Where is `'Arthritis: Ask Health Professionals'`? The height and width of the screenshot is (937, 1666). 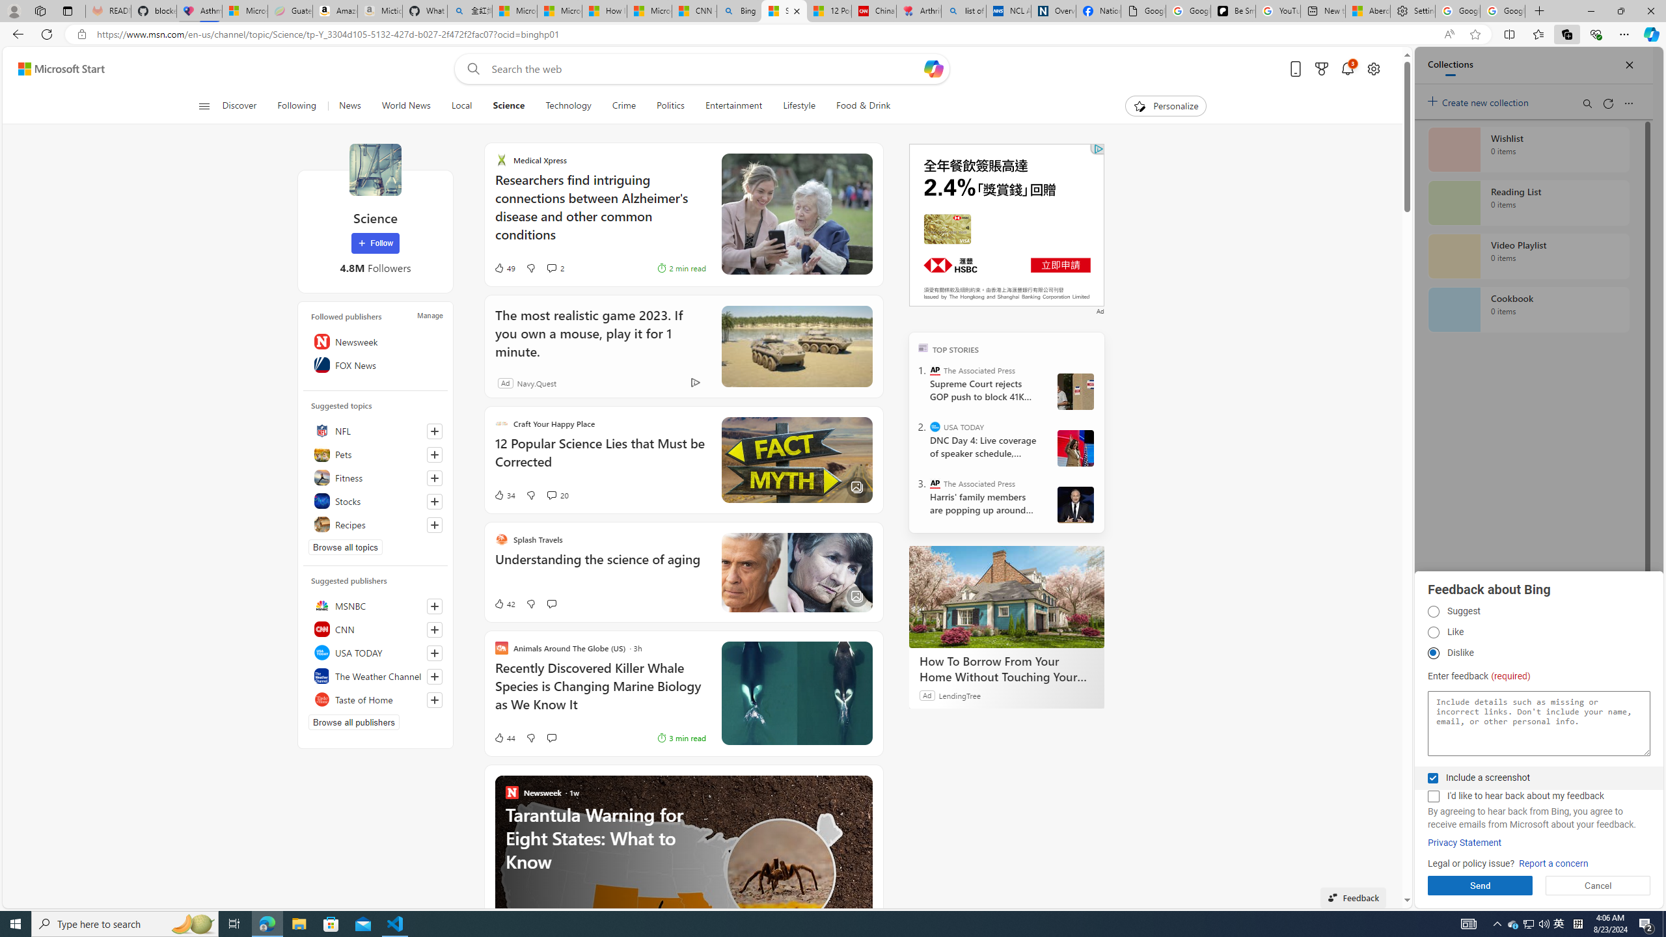 'Arthritis: Ask Health Professionals' is located at coordinates (918, 10).